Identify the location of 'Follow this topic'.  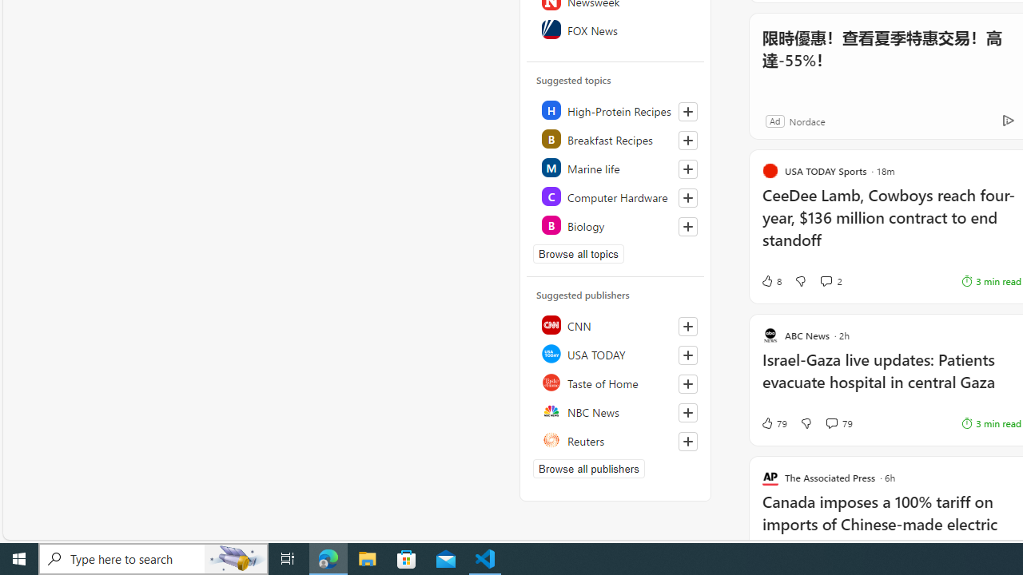
(687, 227).